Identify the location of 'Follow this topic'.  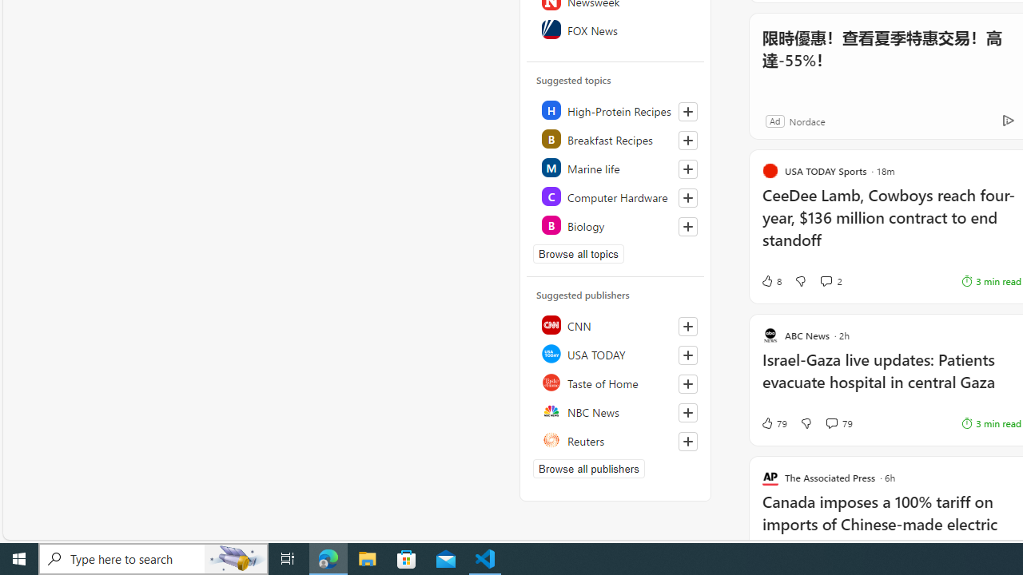
(687, 227).